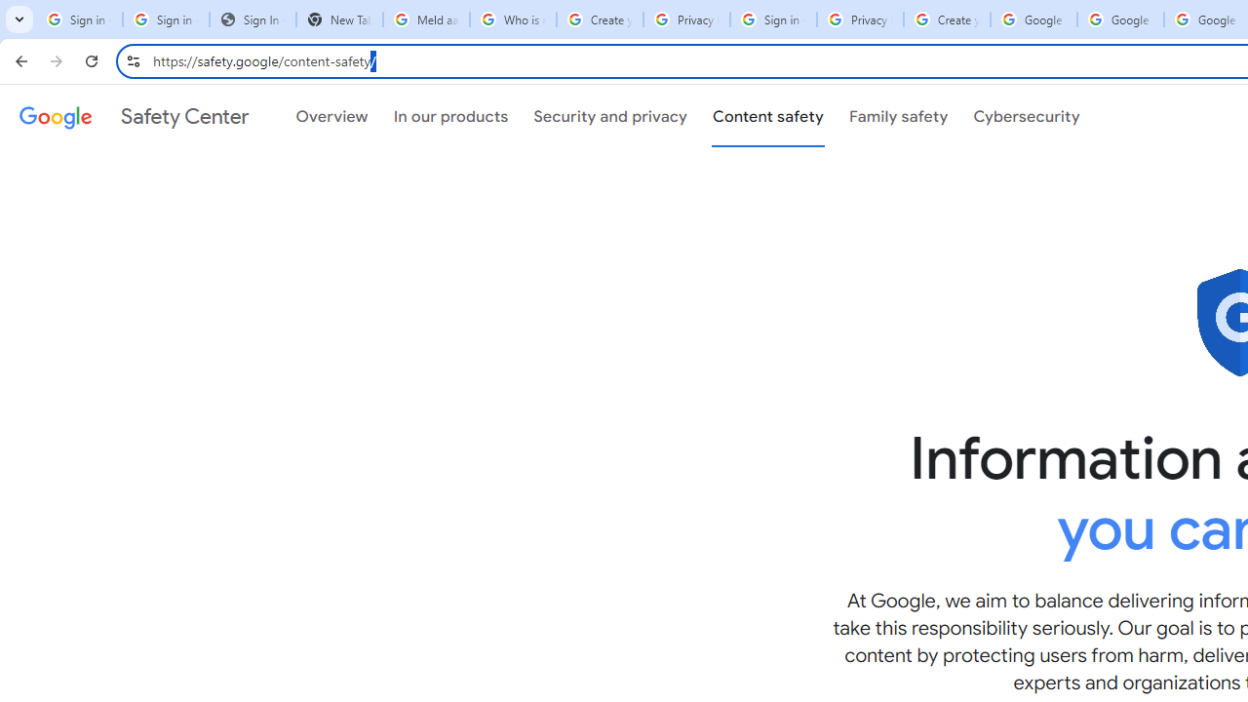 The image size is (1248, 702). What do you see at coordinates (339, 19) in the screenshot?
I see `'New Tab'` at bounding box center [339, 19].